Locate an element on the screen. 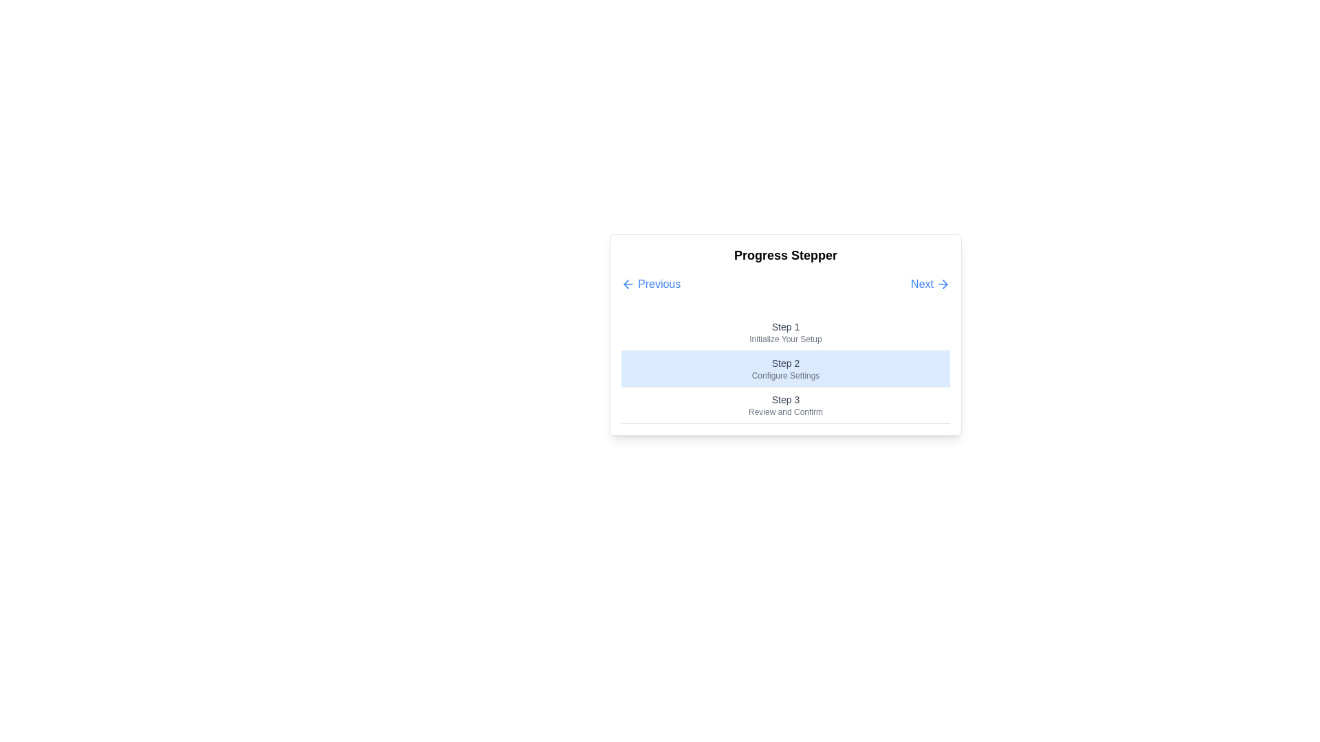 The width and height of the screenshot is (1320, 742). the text label displaying 'Initialize Your Setup', which is located directly below the 'Step 1' text in the stepper component is located at coordinates (785, 339).